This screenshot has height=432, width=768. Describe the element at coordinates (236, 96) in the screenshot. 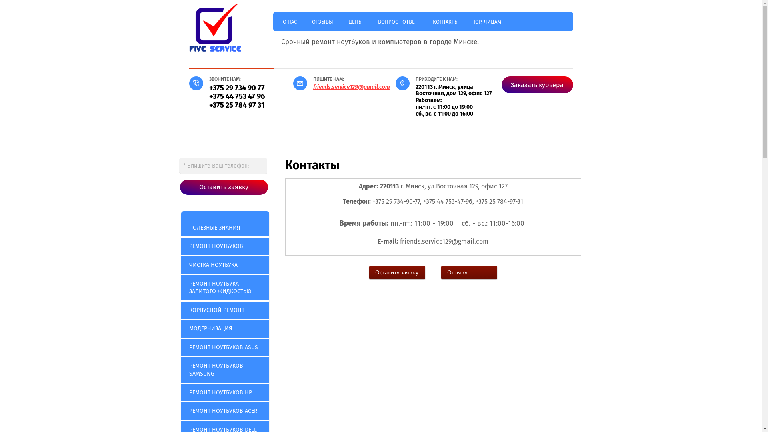

I see `'+375 44 753 47 96'` at that location.